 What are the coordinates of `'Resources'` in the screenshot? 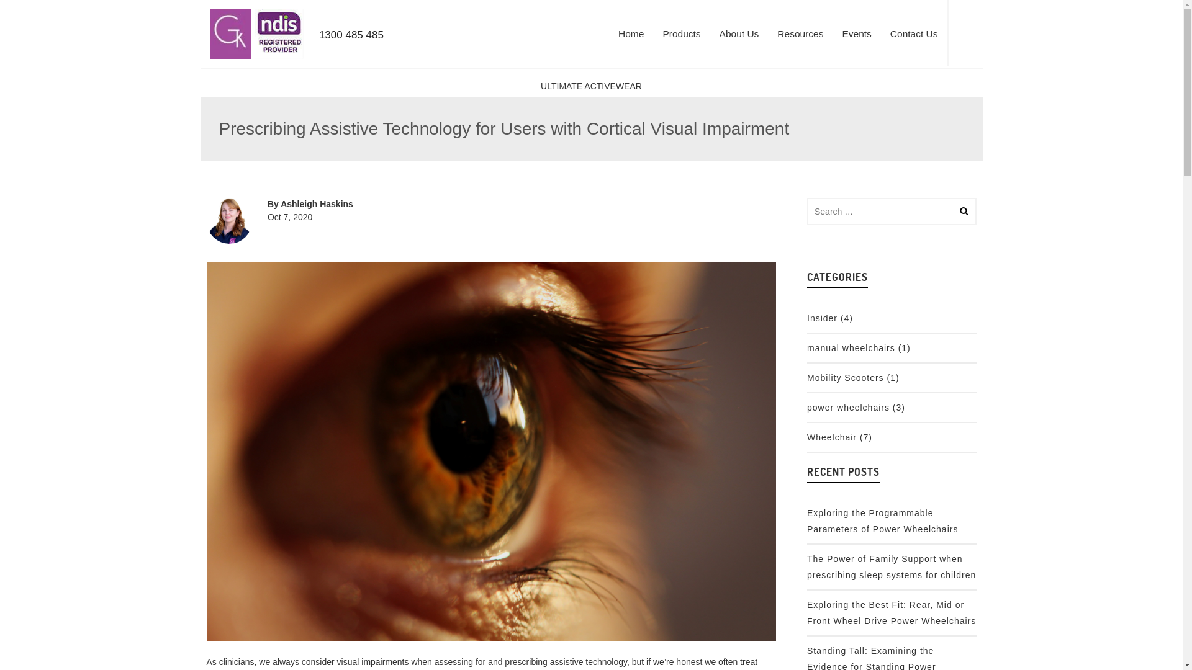 It's located at (800, 33).